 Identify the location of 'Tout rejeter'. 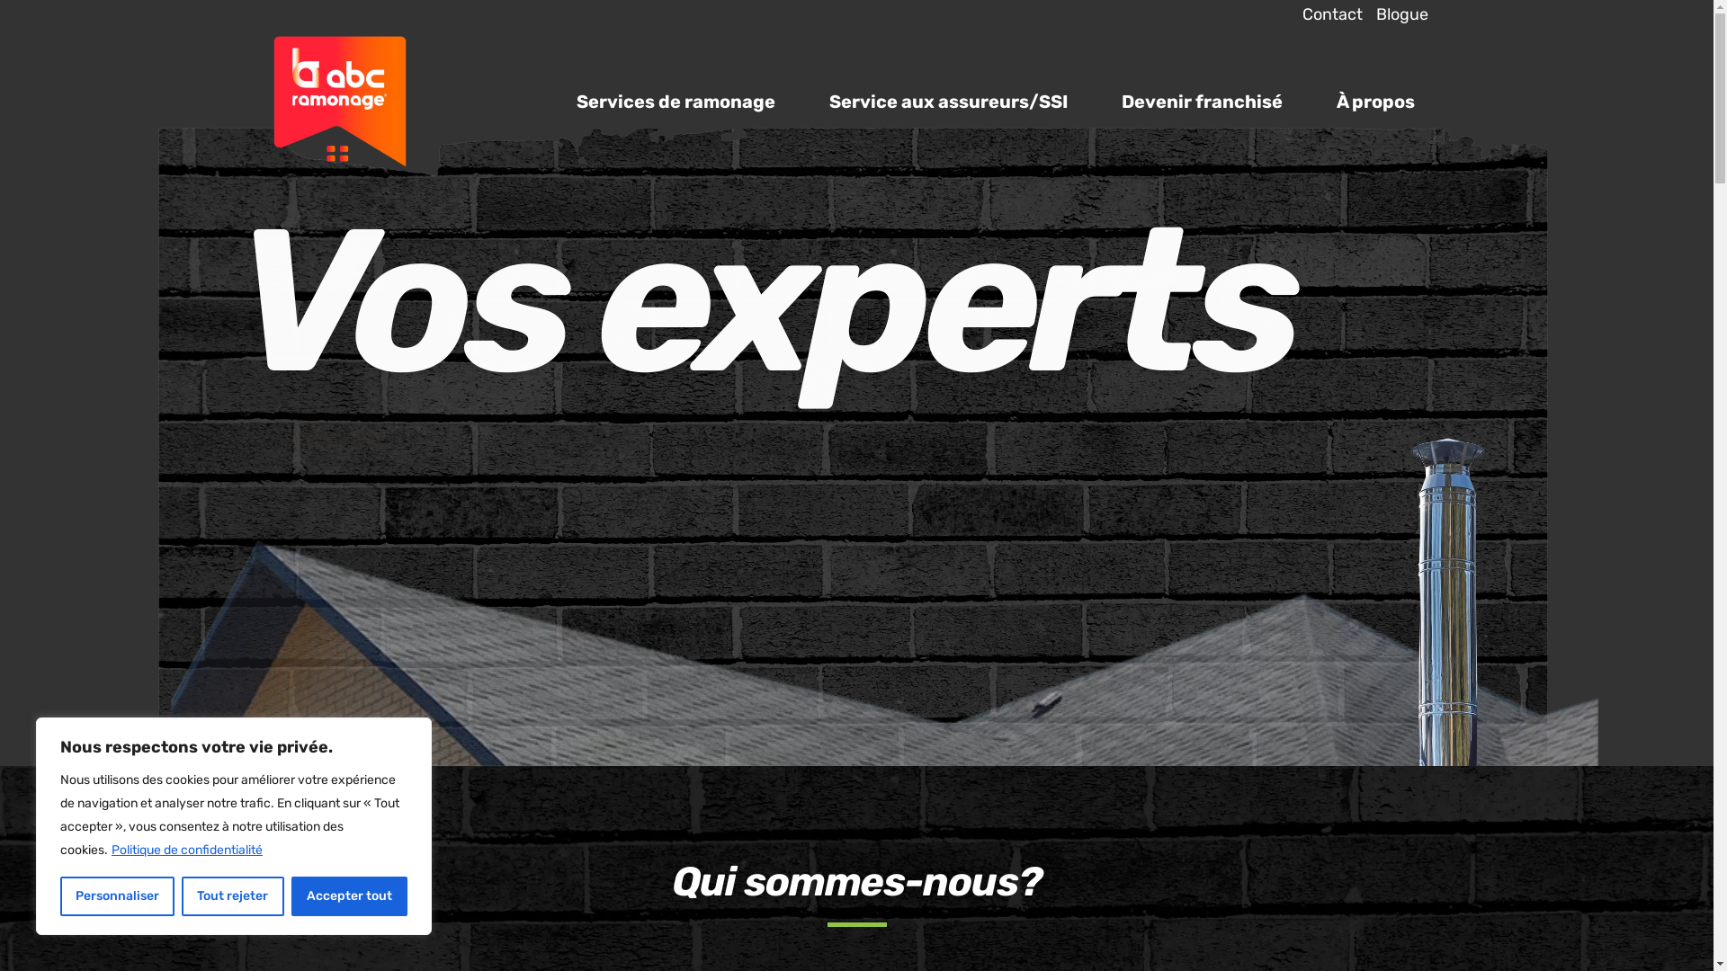
(181, 895).